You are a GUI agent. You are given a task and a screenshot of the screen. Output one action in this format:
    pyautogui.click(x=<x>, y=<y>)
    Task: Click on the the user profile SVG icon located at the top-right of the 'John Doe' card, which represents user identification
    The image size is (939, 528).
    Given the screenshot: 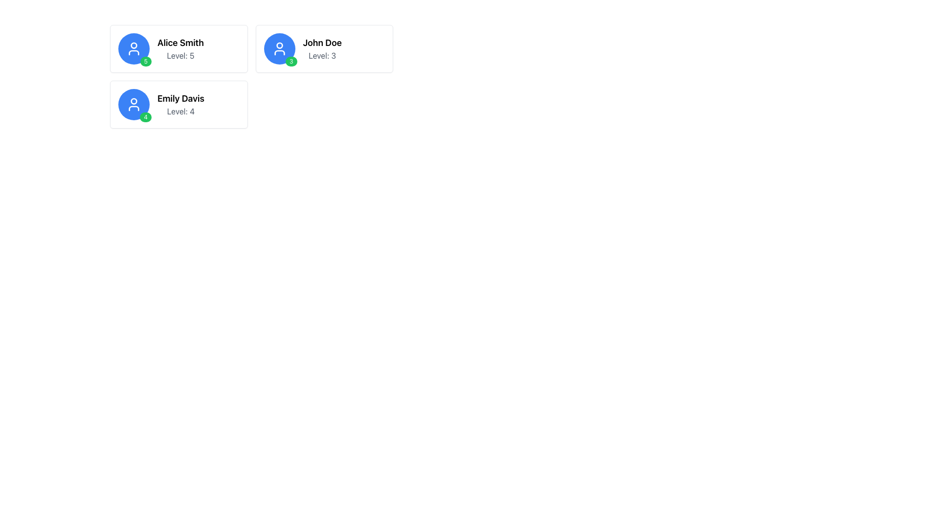 What is the action you would take?
    pyautogui.click(x=279, y=49)
    